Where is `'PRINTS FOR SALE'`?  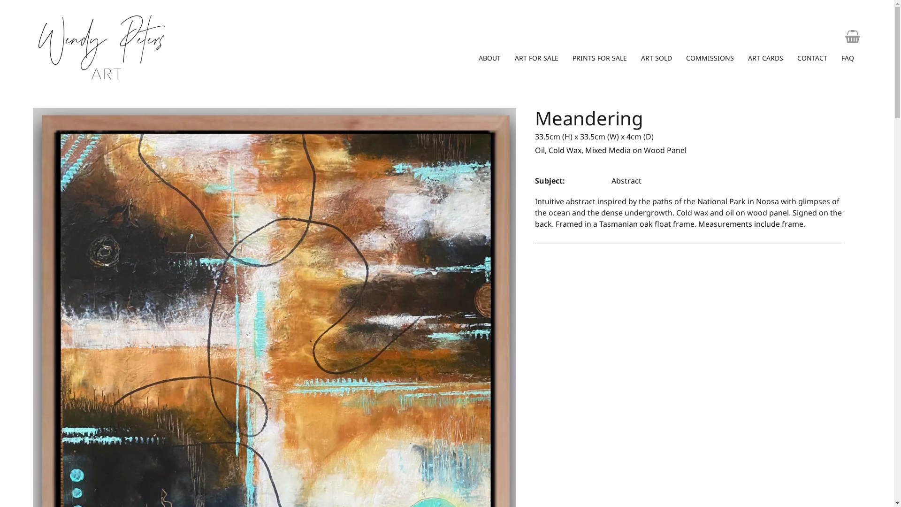 'PRINTS FOR SALE' is located at coordinates (565, 58).